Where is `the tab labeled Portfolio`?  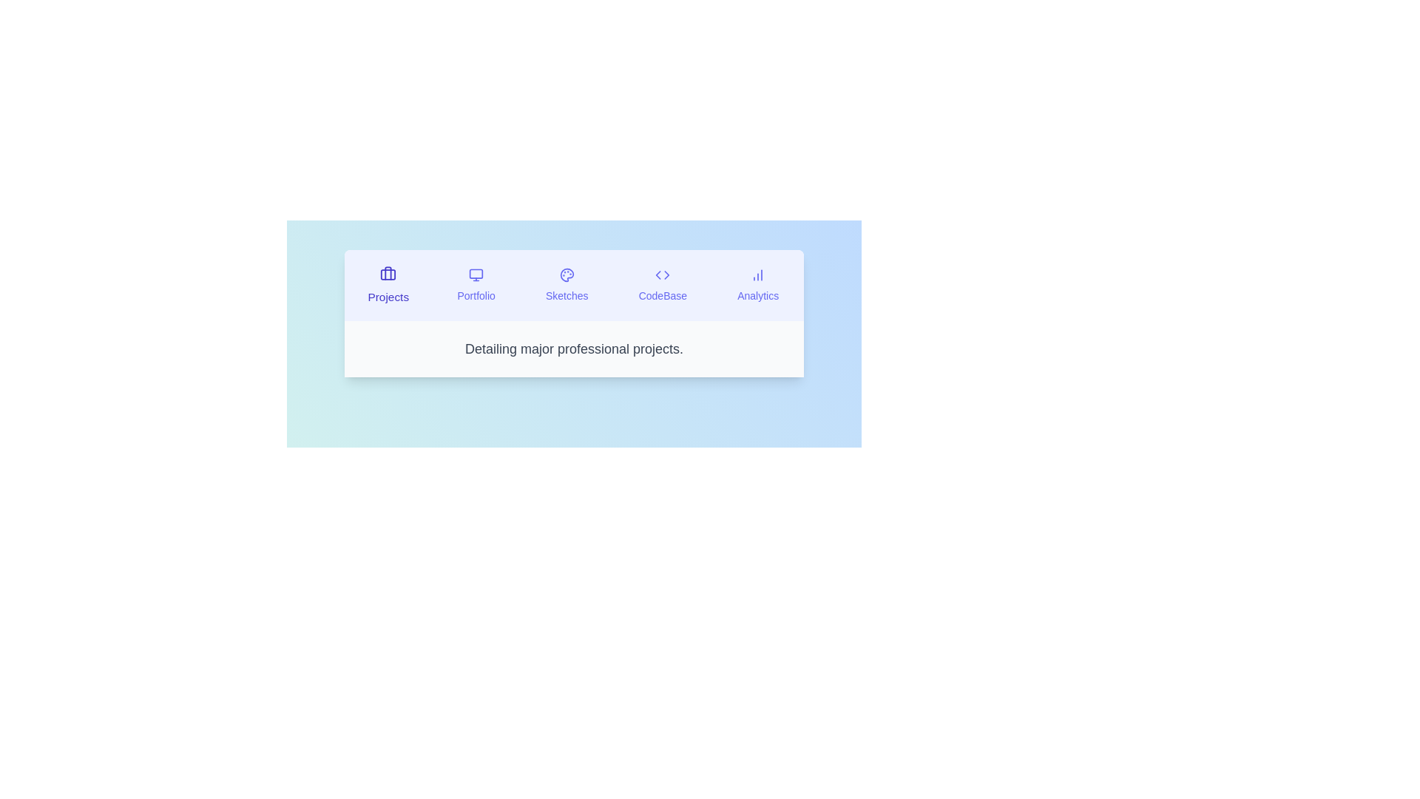 the tab labeled Portfolio is located at coordinates (476, 285).